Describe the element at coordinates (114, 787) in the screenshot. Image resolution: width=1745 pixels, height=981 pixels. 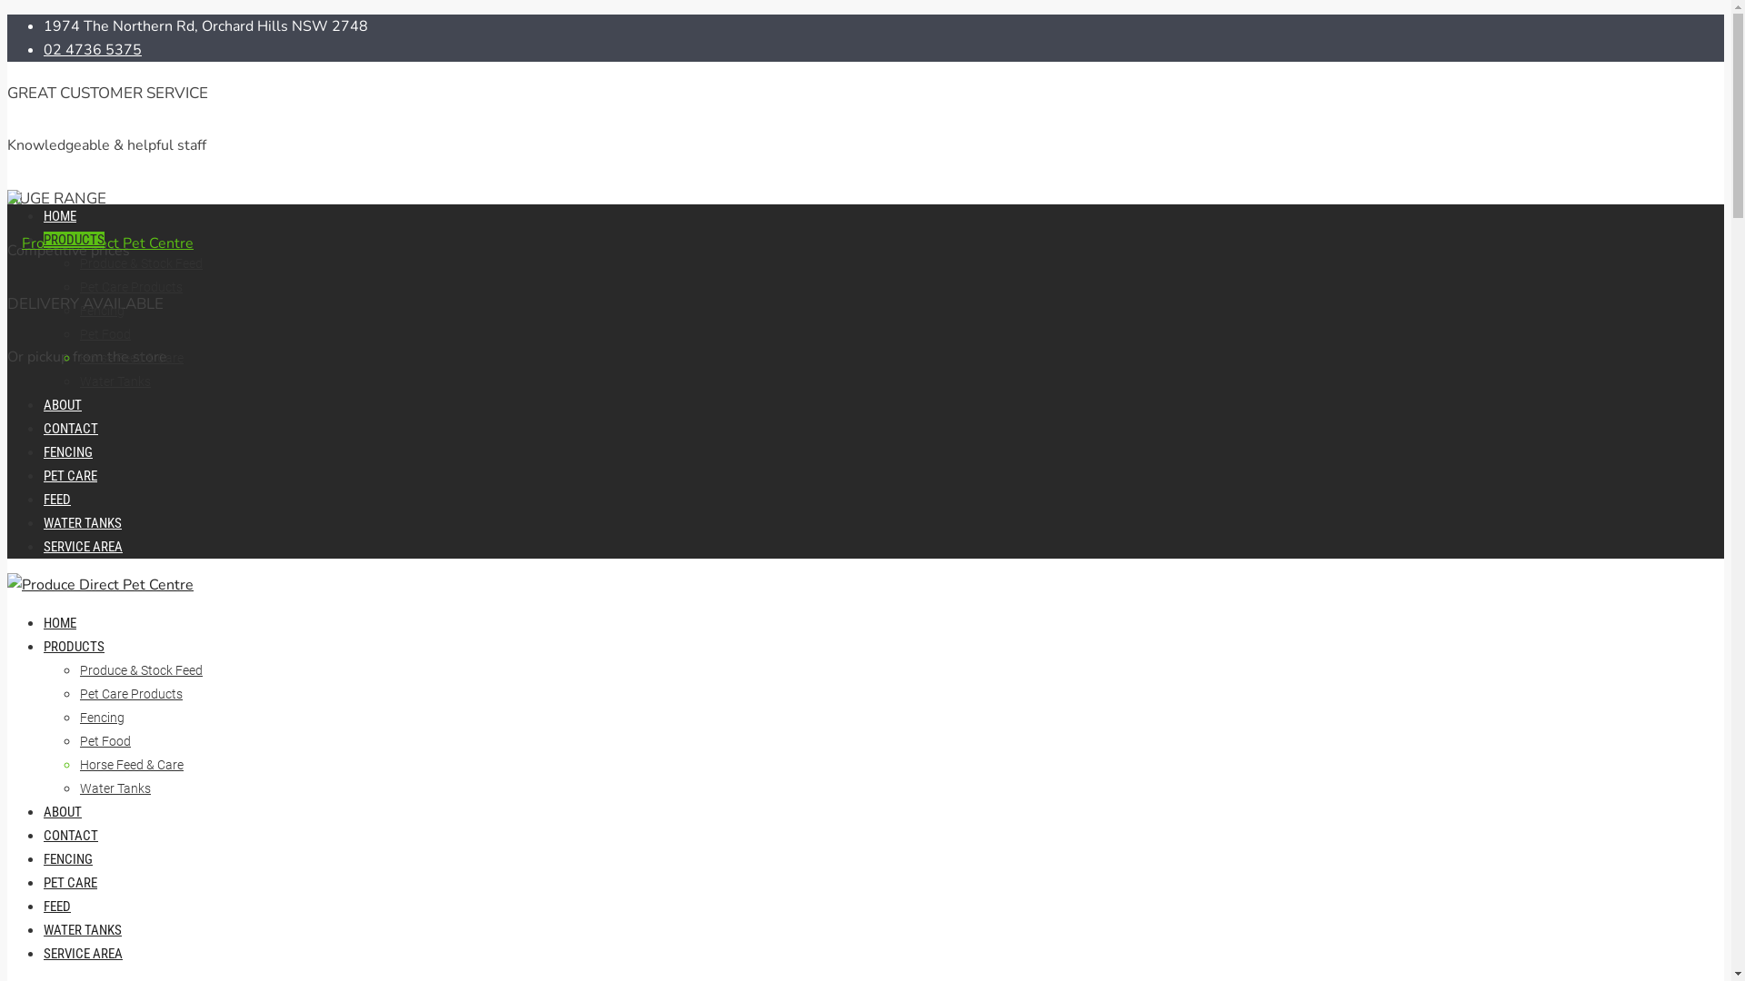
I see `'Water Tanks'` at that location.